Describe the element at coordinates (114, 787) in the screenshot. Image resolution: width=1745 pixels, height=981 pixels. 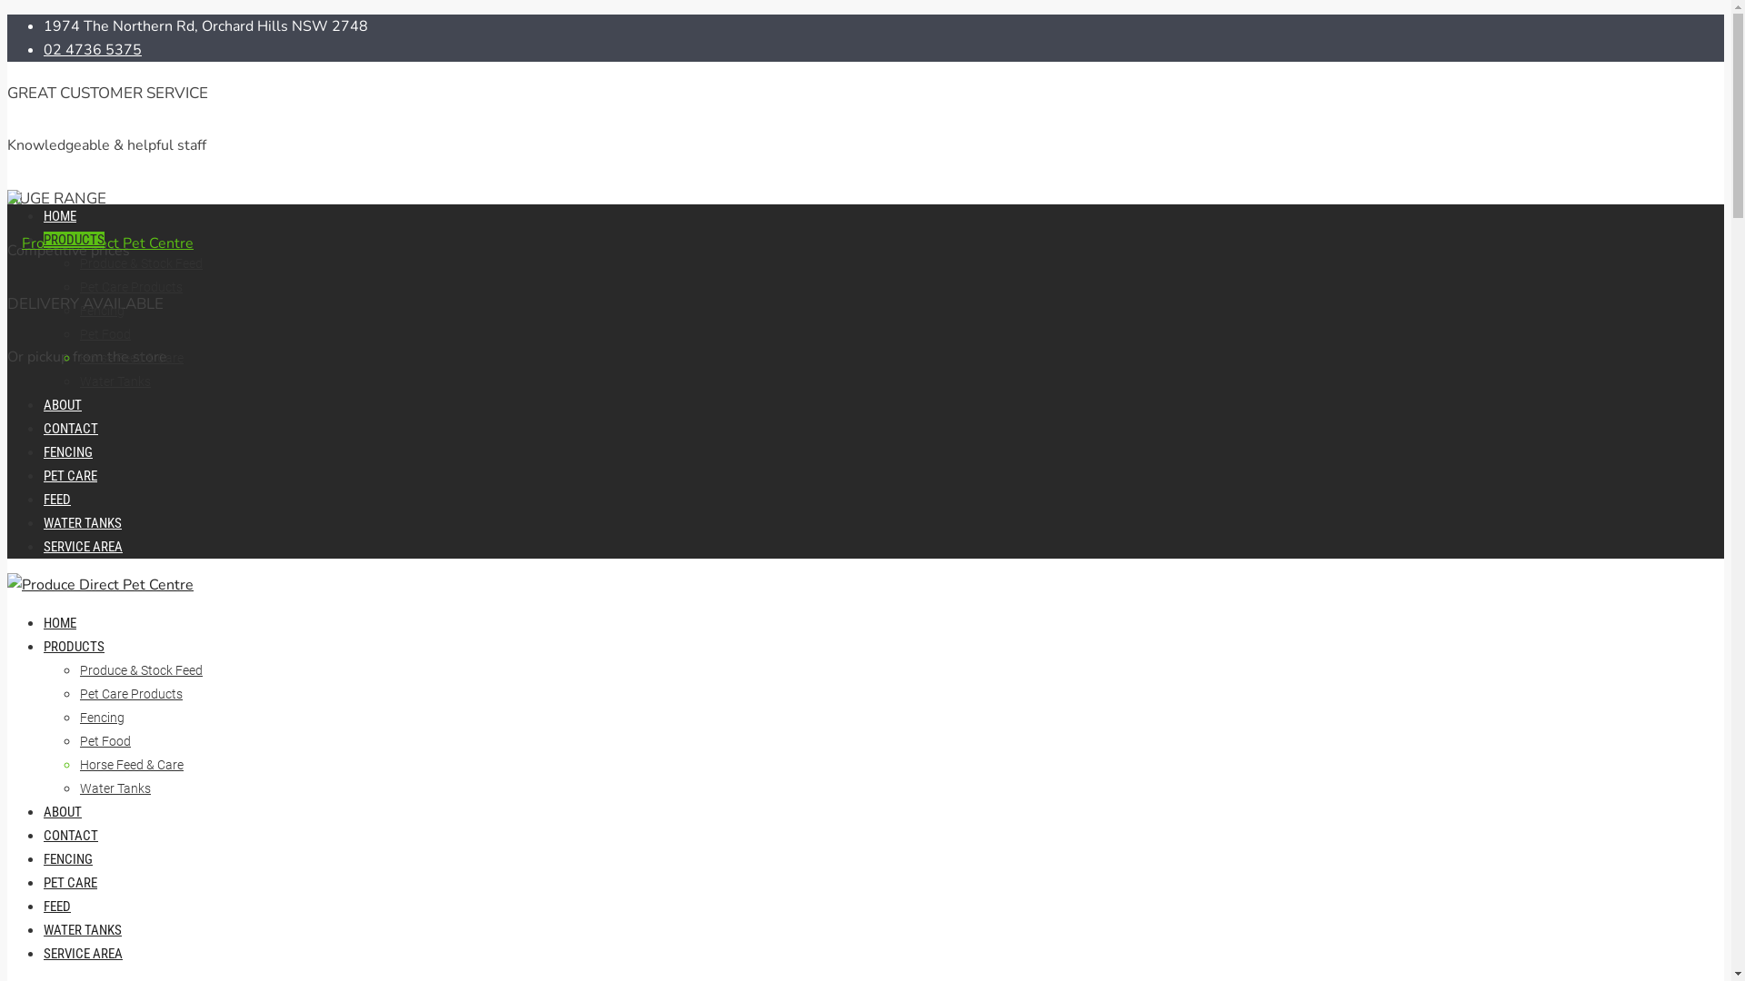
I see `'Water Tanks'` at that location.